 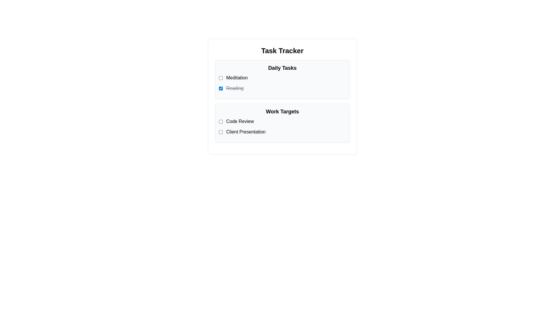 What do you see at coordinates (282, 68) in the screenshot?
I see `the Text Label that identifies the Daily Tasks section, positioned above the list items 'Meditation' and 'Reading'` at bounding box center [282, 68].